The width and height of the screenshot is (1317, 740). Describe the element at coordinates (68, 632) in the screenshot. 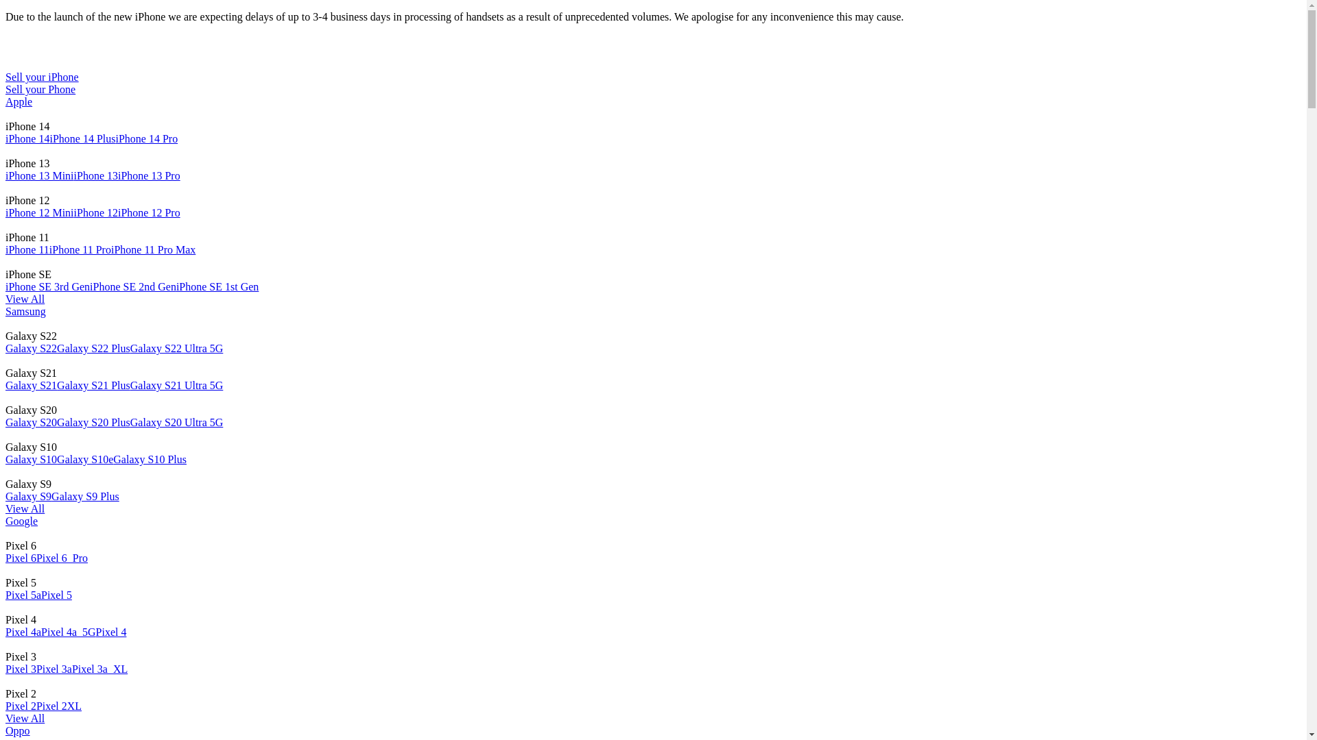

I see `'Pixel 4a  5G'` at that location.